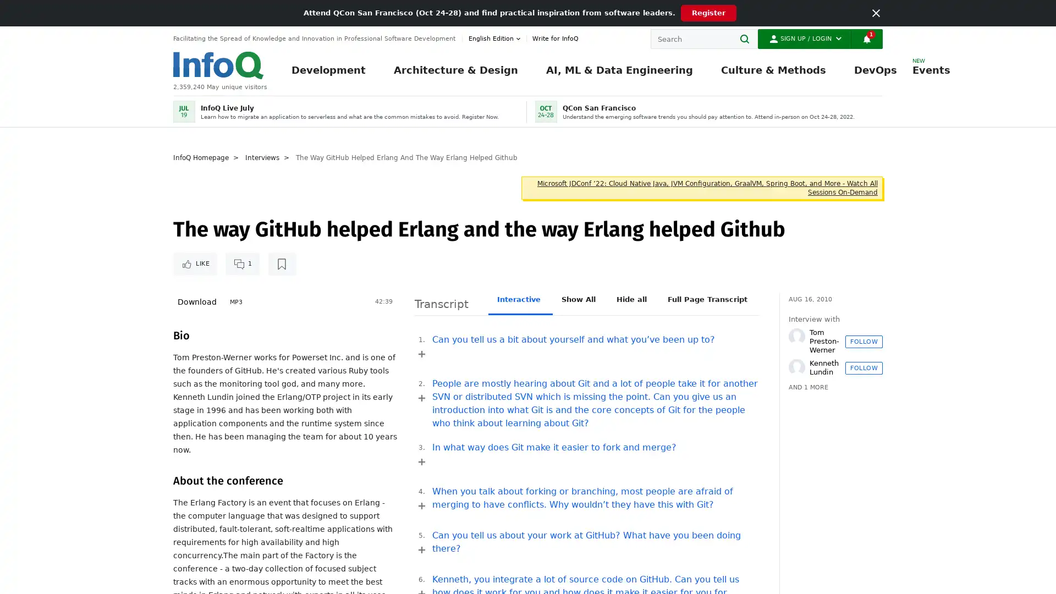  Describe the element at coordinates (235, 302) in the screenshot. I see `MP3` at that location.